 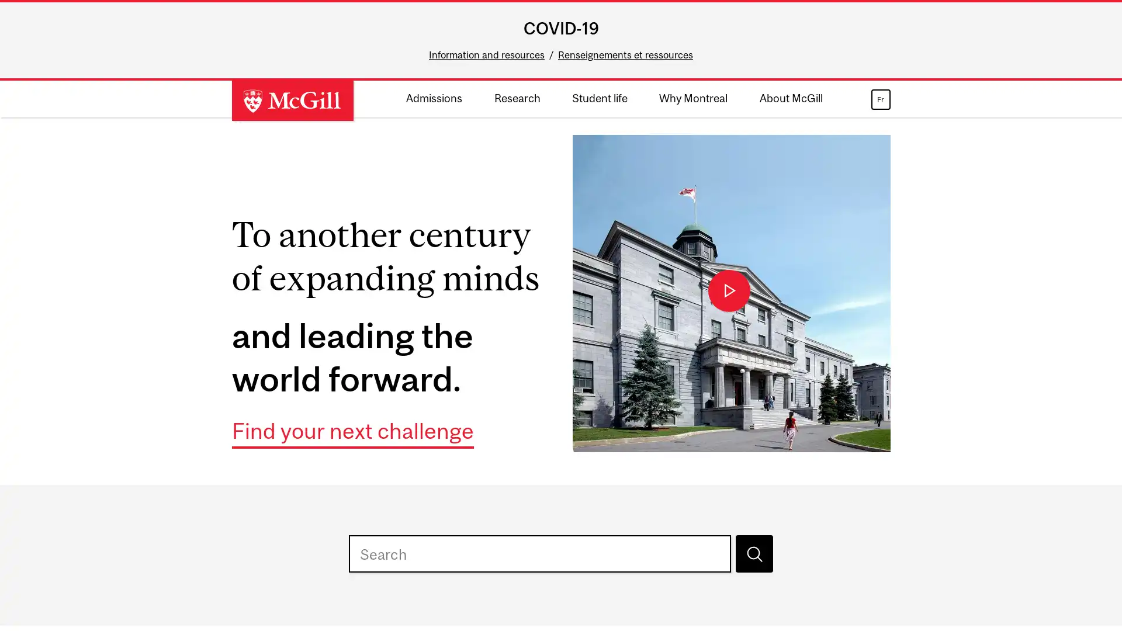 What do you see at coordinates (791, 98) in the screenshot?
I see `About McGill` at bounding box center [791, 98].